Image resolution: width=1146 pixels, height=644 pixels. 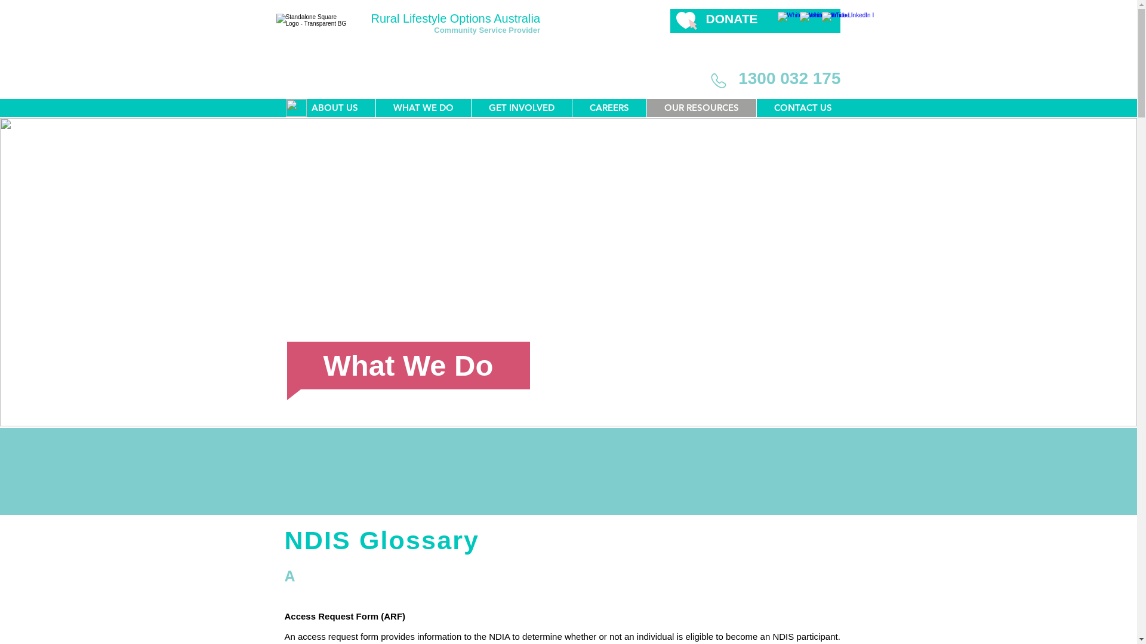 I want to click on 'DONATE', so click(x=731, y=18).